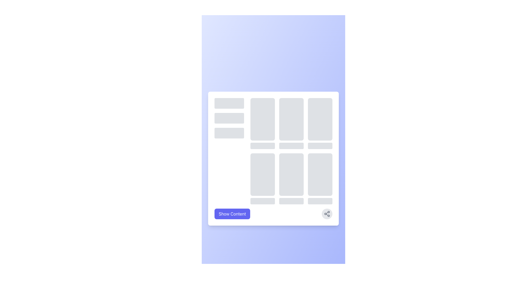 Image resolution: width=511 pixels, height=287 pixels. What do you see at coordinates (320, 124) in the screenshot?
I see `the Placeholder element located in the third column of the first row within the grid layout, which is a non-interactive visual component used` at bounding box center [320, 124].